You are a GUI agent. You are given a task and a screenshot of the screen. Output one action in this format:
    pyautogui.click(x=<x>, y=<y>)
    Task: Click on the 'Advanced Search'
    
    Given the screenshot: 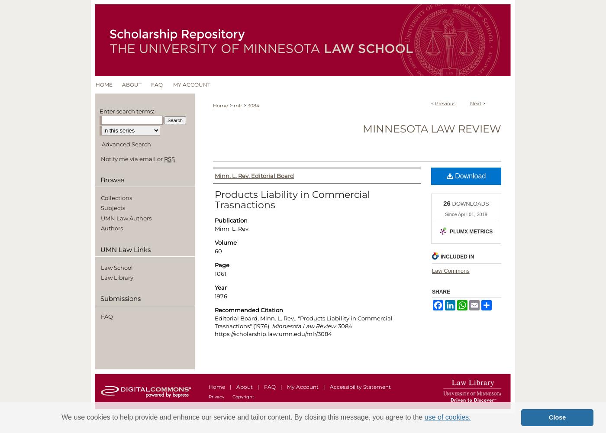 What is the action you would take?
    pyautogui.click(x=126, y=144)
    